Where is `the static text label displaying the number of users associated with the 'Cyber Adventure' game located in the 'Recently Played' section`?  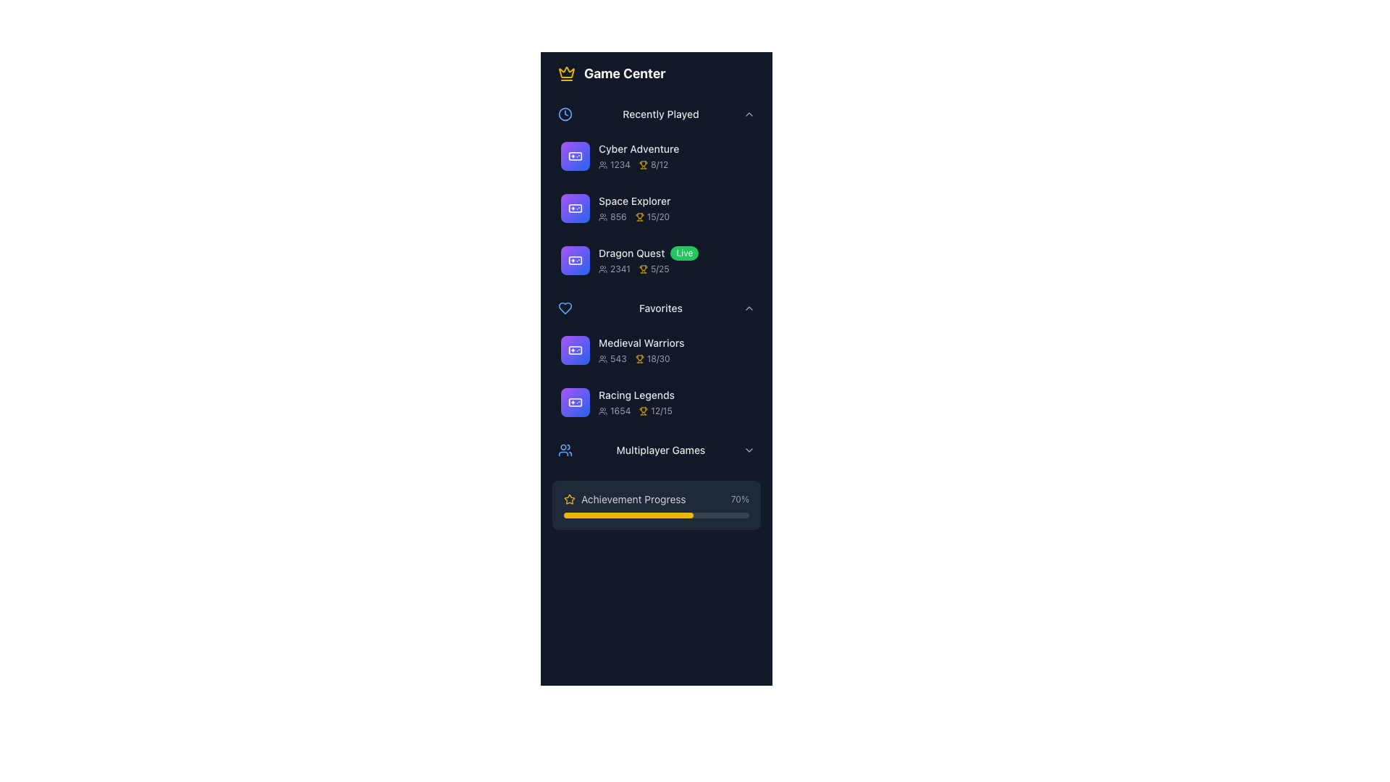
the static text label displaying the number of users associated with the 'Cyber Adventure' game located in the 'Recently Played' section is located at coordinates (620, 164).